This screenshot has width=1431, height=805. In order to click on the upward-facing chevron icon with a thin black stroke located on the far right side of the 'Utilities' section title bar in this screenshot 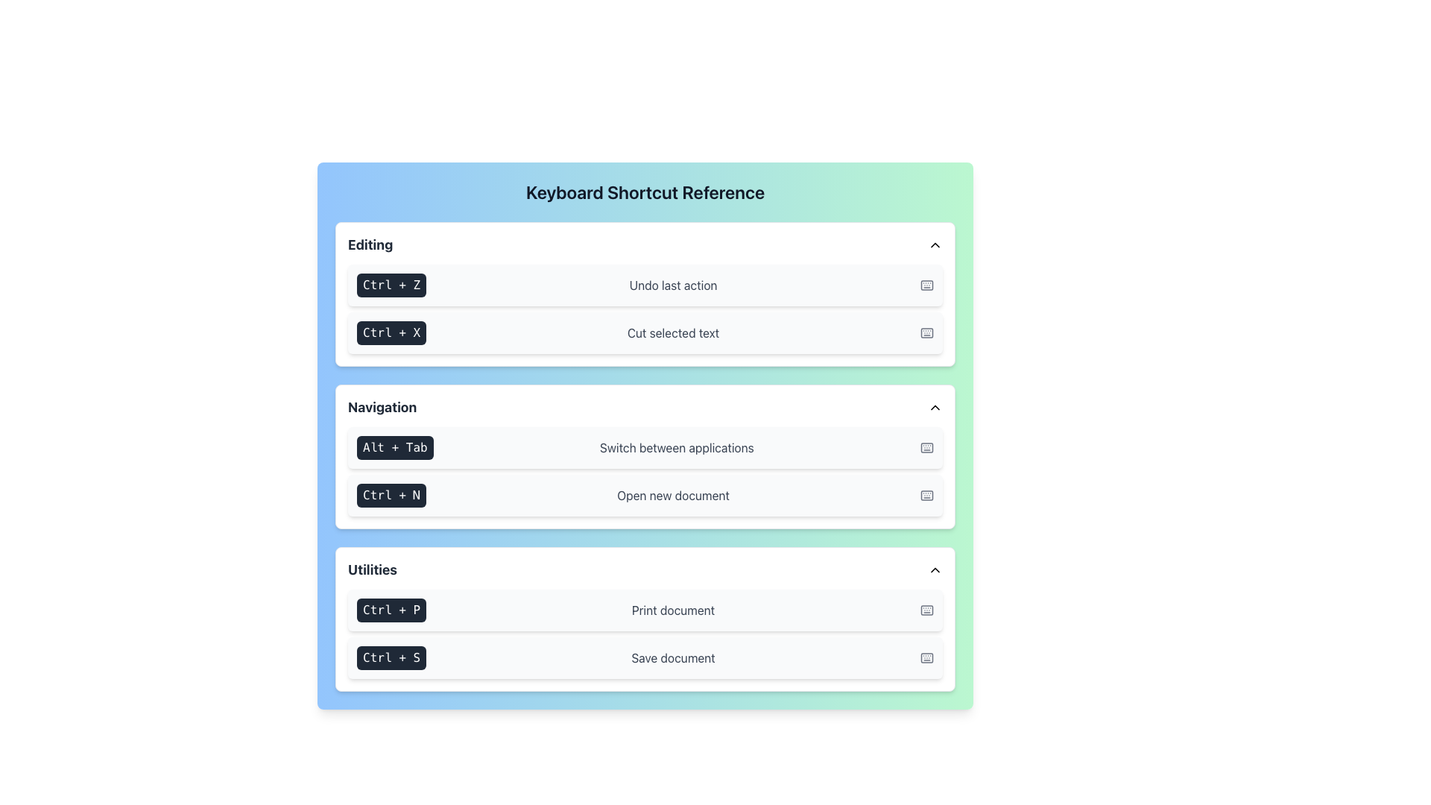, I will do `click(934, 569)`.